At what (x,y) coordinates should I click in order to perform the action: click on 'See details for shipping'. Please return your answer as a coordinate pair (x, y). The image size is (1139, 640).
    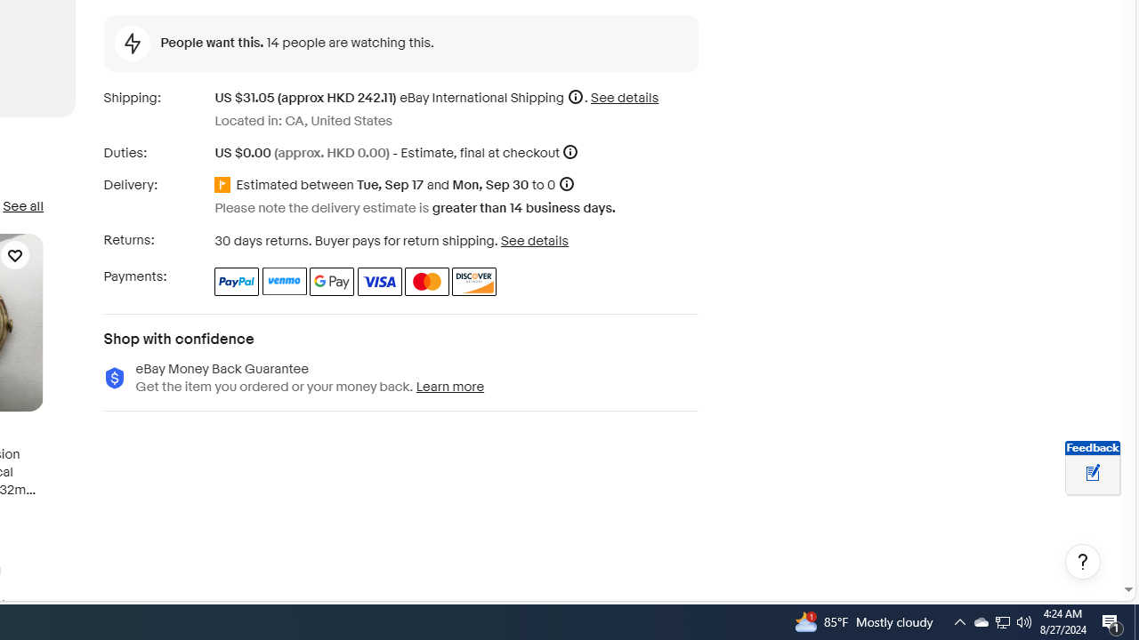
    Looking at the image, I should click on (625, 98).